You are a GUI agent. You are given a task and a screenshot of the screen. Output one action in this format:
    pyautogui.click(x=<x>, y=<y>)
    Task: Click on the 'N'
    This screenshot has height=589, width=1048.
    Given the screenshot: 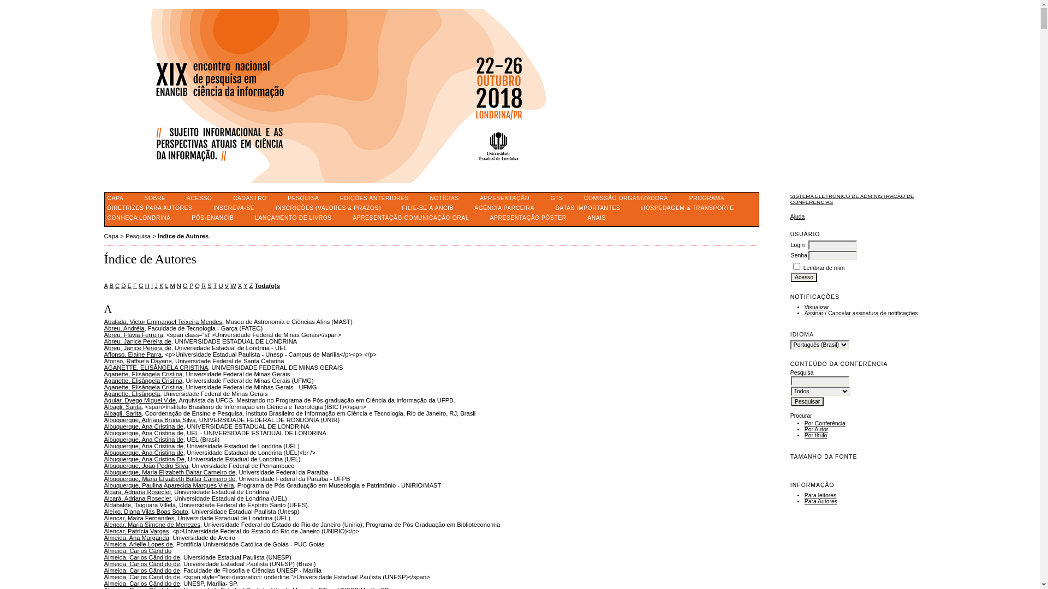 What is the action you would take?
    pyautogui.click(x=177, y=285)
    